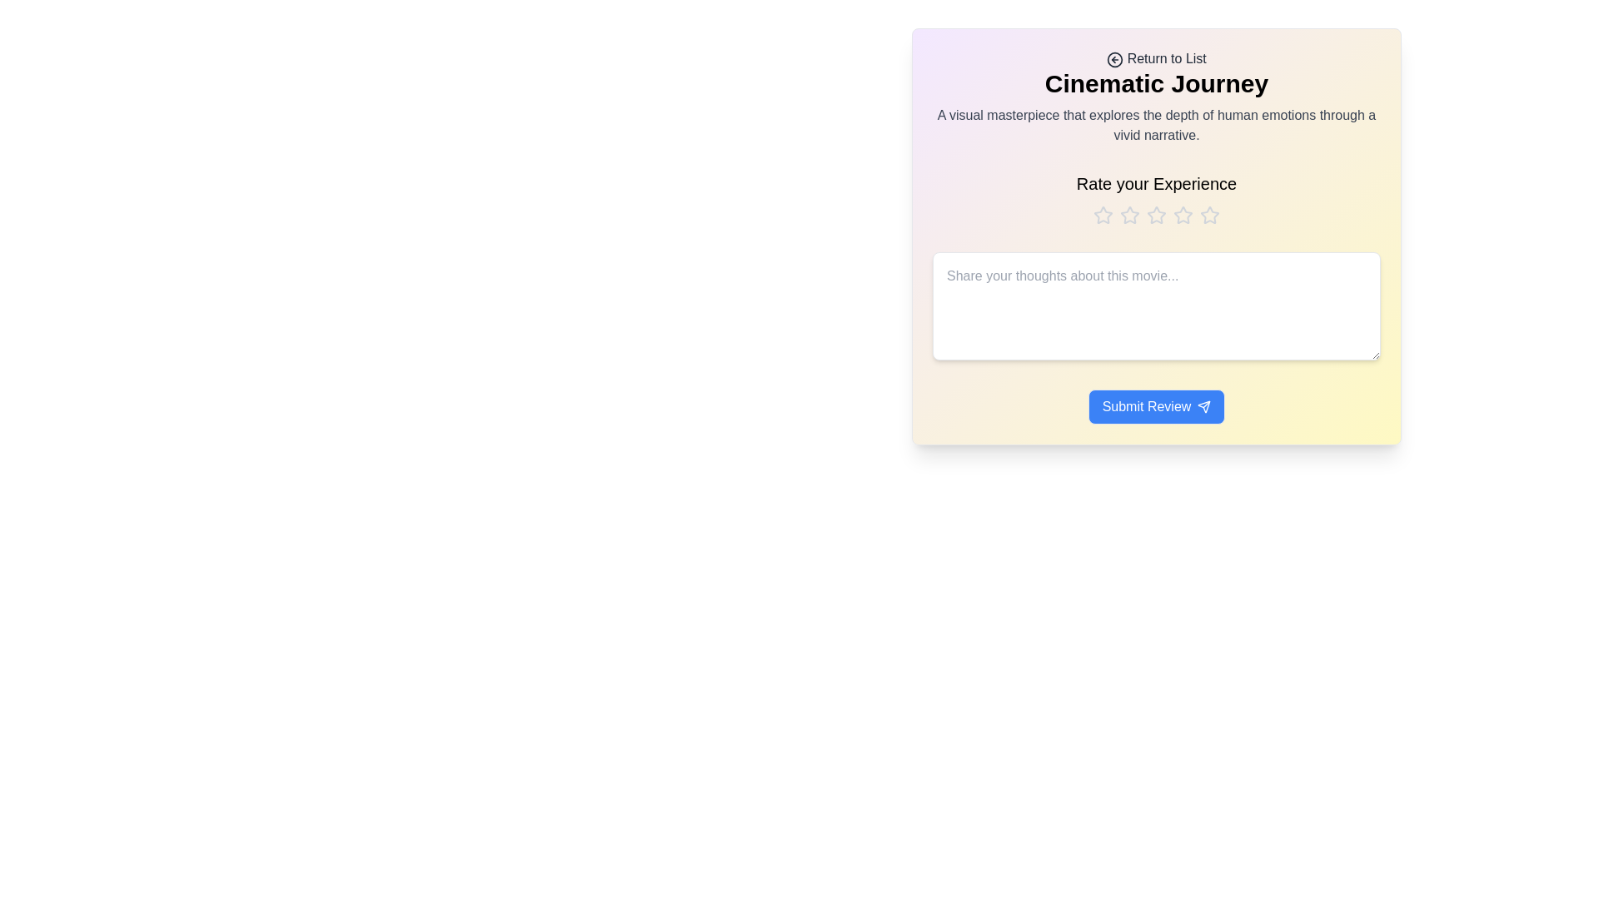  What do you see at coordinates (1210, 214) in the screenshot?
I see `the fifth star icon in the rating system` at bounding box center [1210, 214].